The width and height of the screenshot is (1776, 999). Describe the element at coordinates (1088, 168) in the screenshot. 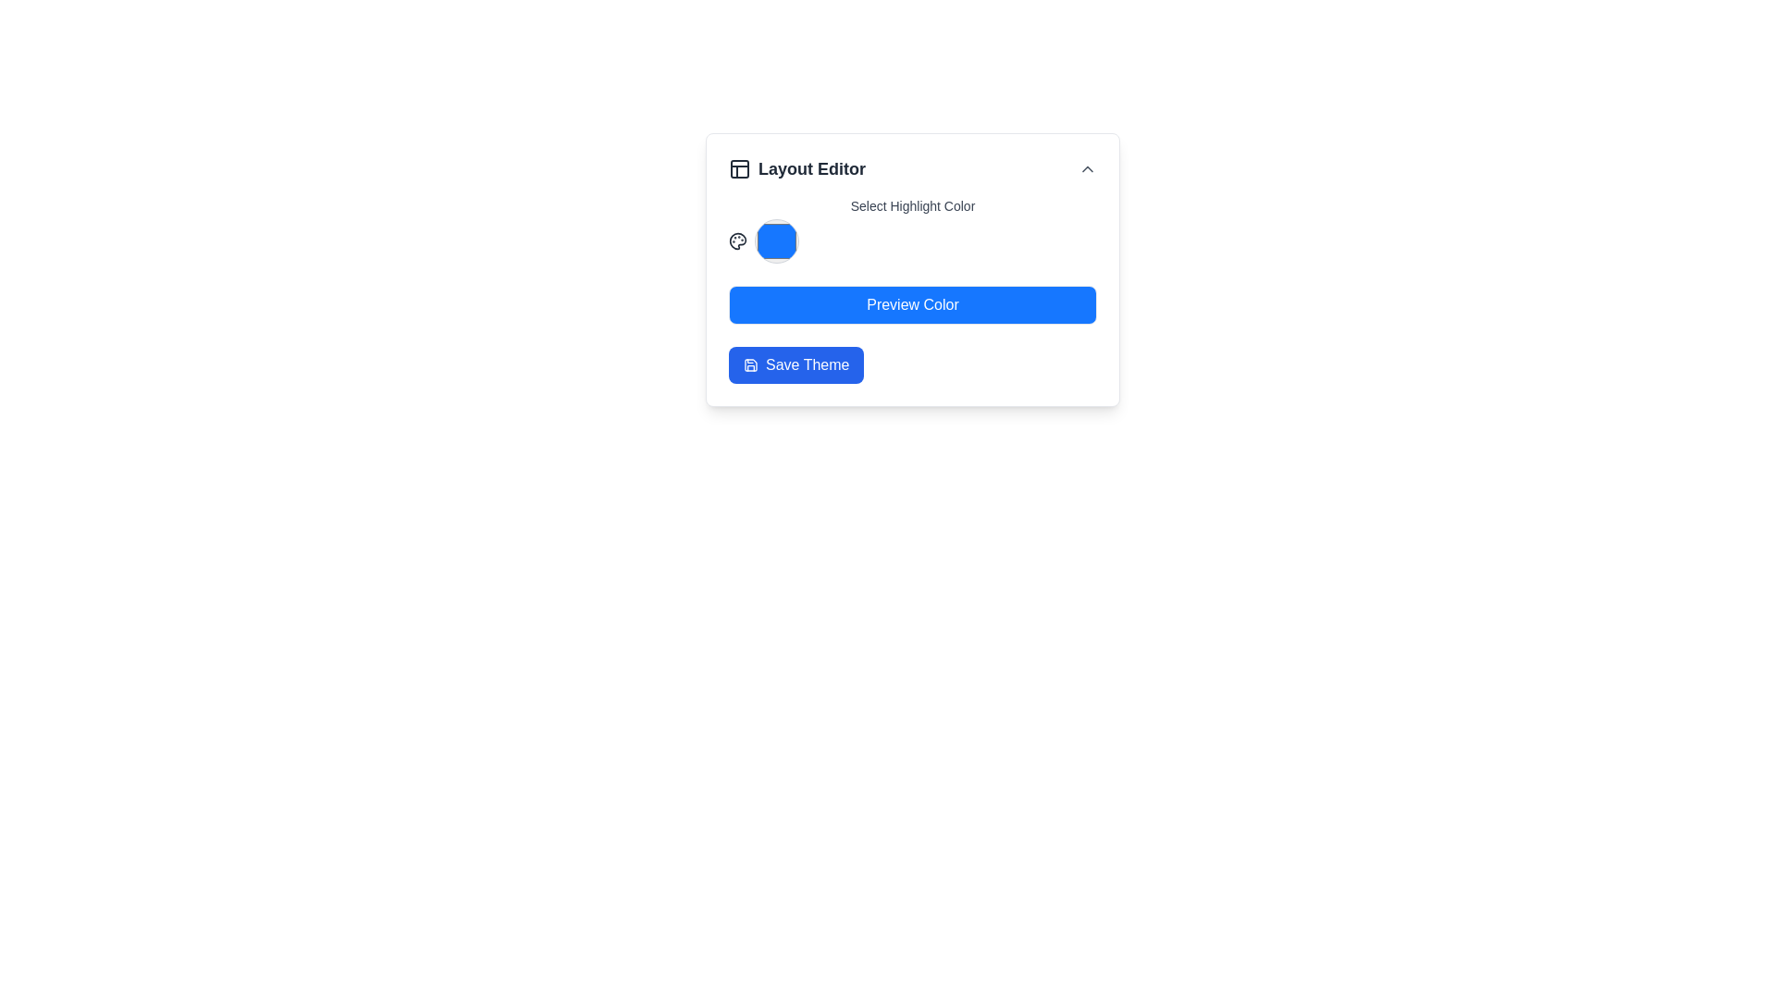

I see `the Icon button in the top-right corner of the 'Layout Editor' interface` at that location.